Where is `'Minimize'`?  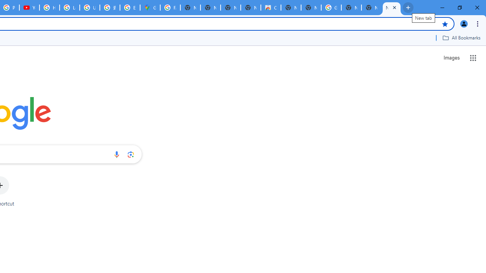
'Minimize' is located at coordinates (442, 8).